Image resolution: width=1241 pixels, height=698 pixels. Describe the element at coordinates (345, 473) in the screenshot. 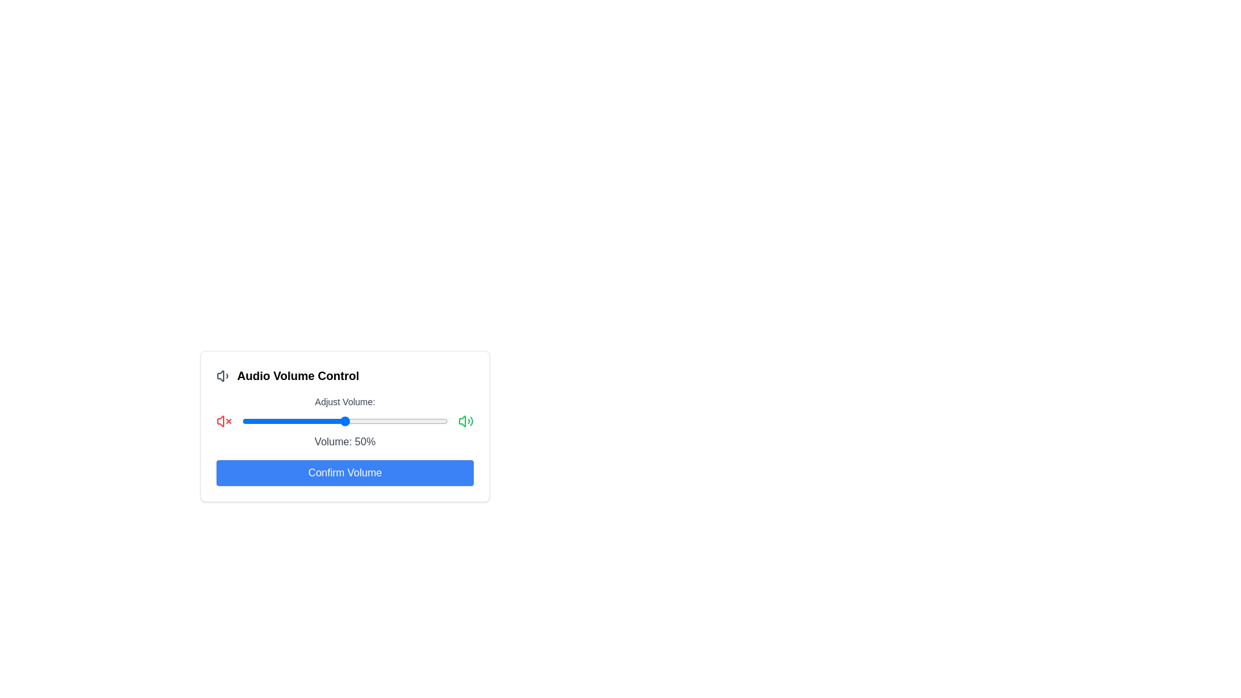

I see `the 'Confirm Volume' button to confirm the current volume setting` at that location.